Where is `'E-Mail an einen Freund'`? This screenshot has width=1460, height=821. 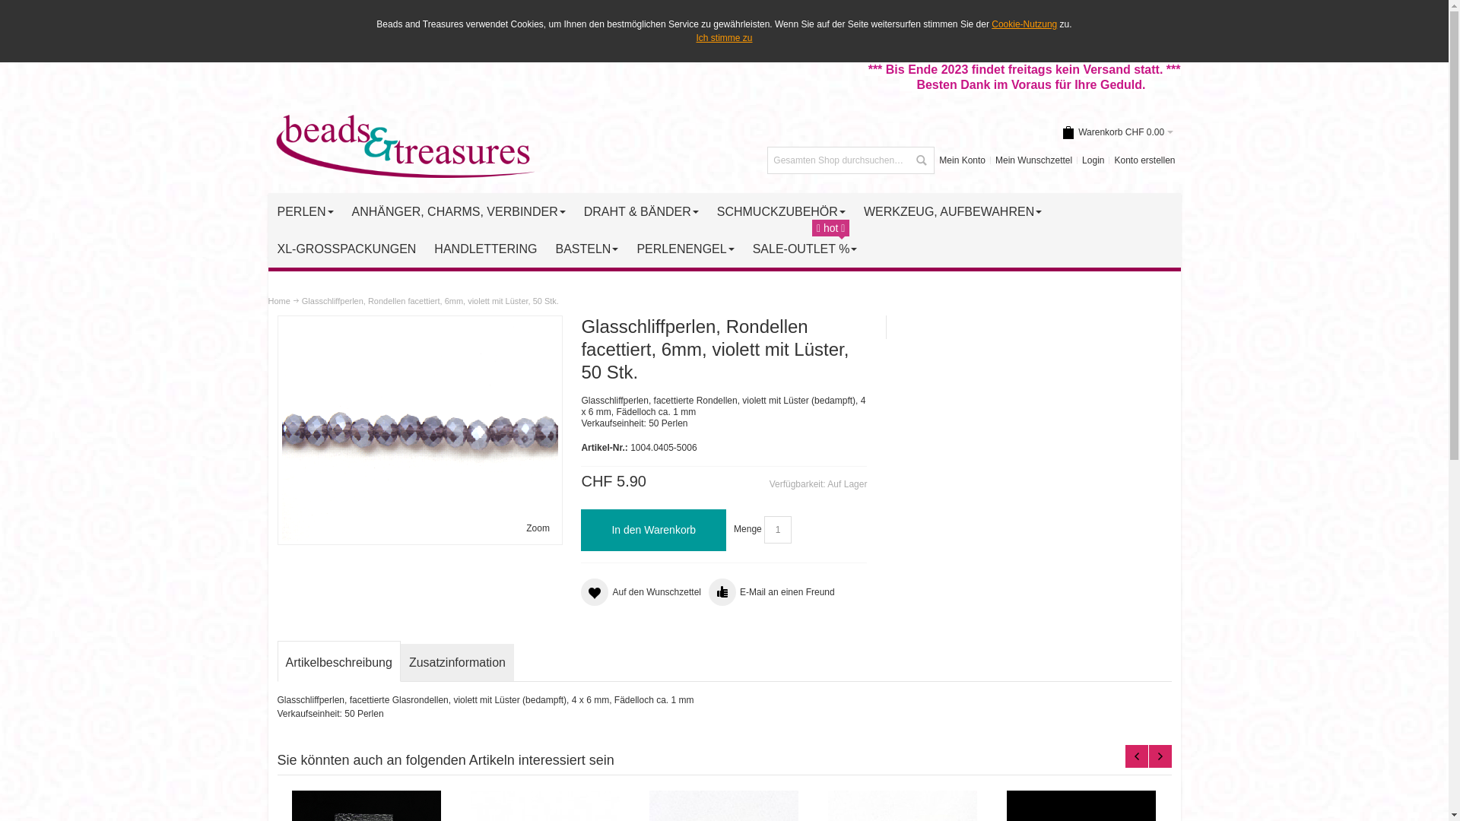 'E-Mail an einen Freund' is located at coordinates (771, 591).